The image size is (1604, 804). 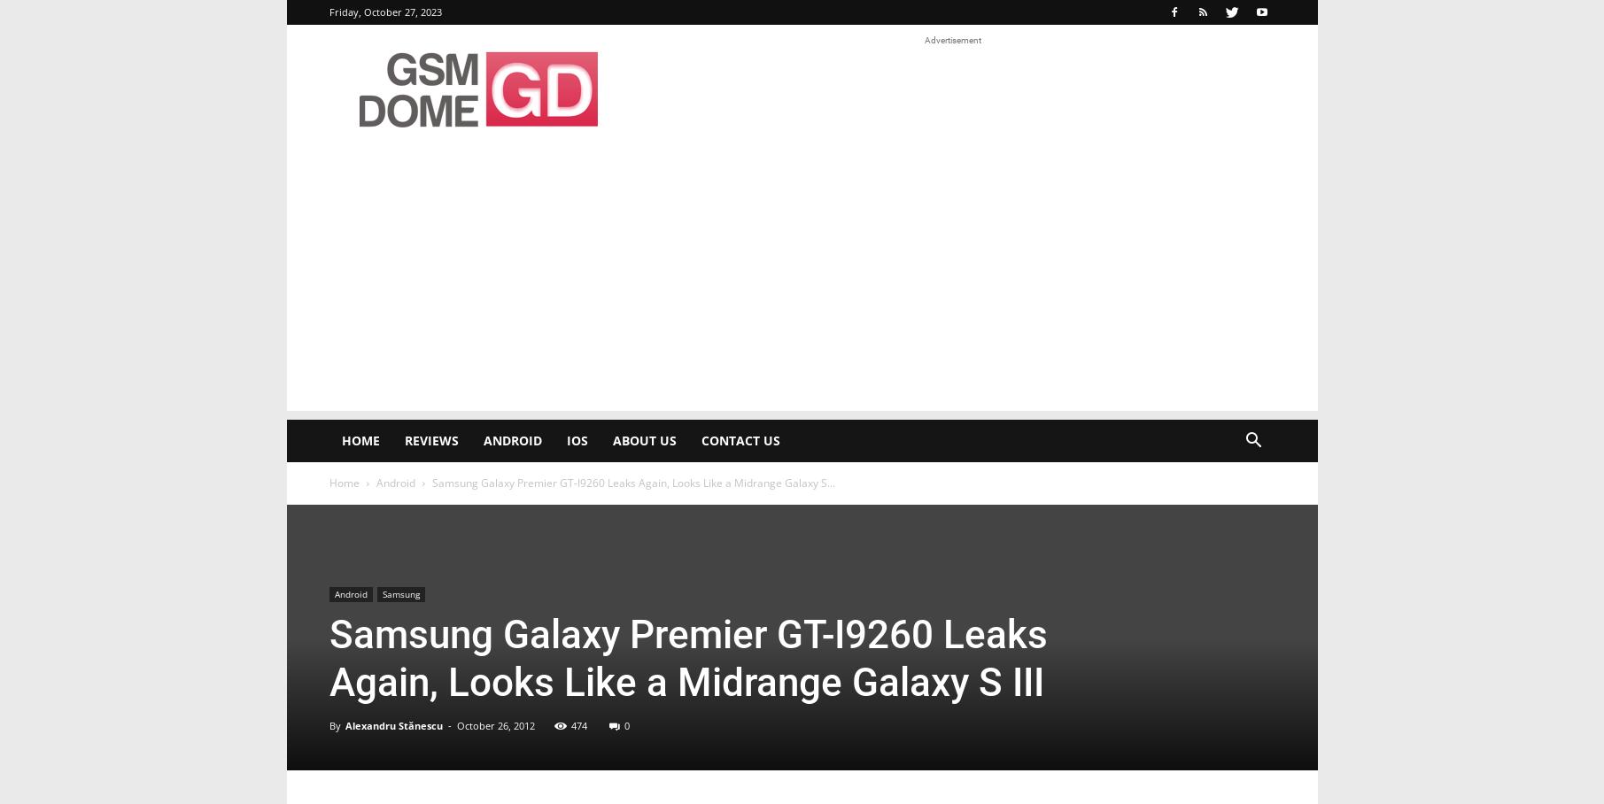 What do you see at coordinates (400, 594) in the screenshot?
I see `'Samsung'` at bounding box center [400, 594].